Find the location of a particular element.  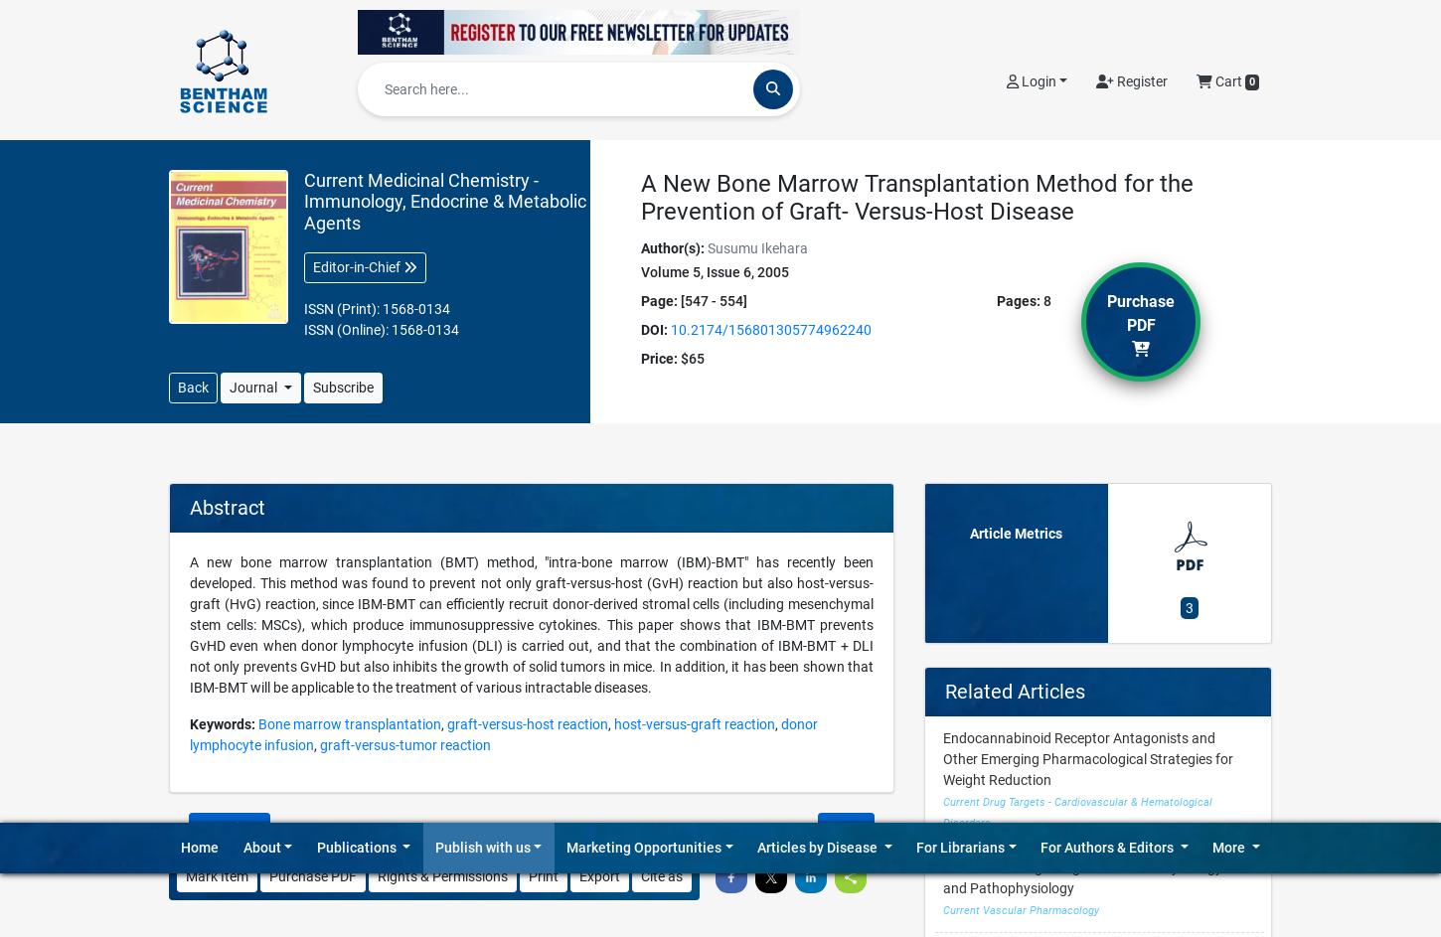

'Le-Qing Cao et al.,' is located at coordinates (581, 313).